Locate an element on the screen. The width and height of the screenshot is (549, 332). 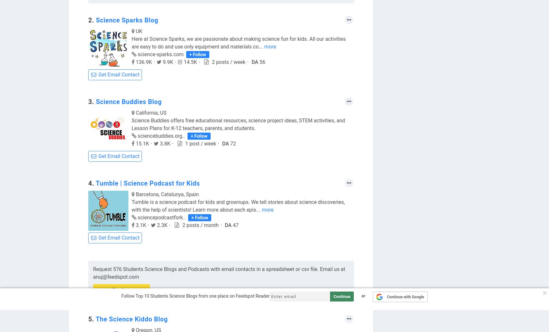
'56' is located at coordinates (259, 62).